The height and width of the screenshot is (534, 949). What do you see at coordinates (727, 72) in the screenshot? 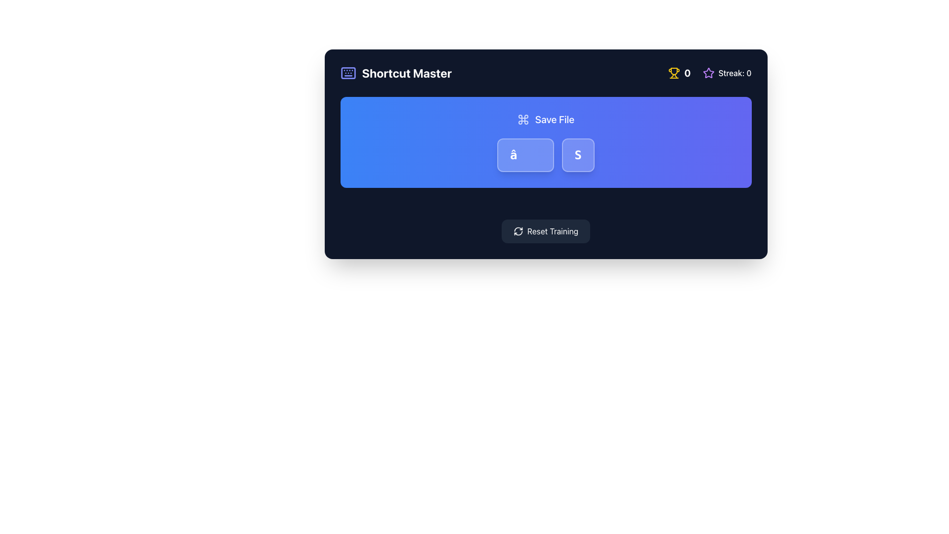
I see `the text display with an icon indicating the user's current streak count, located in the top-right corner of the interface` at bounding box center [727, 72].